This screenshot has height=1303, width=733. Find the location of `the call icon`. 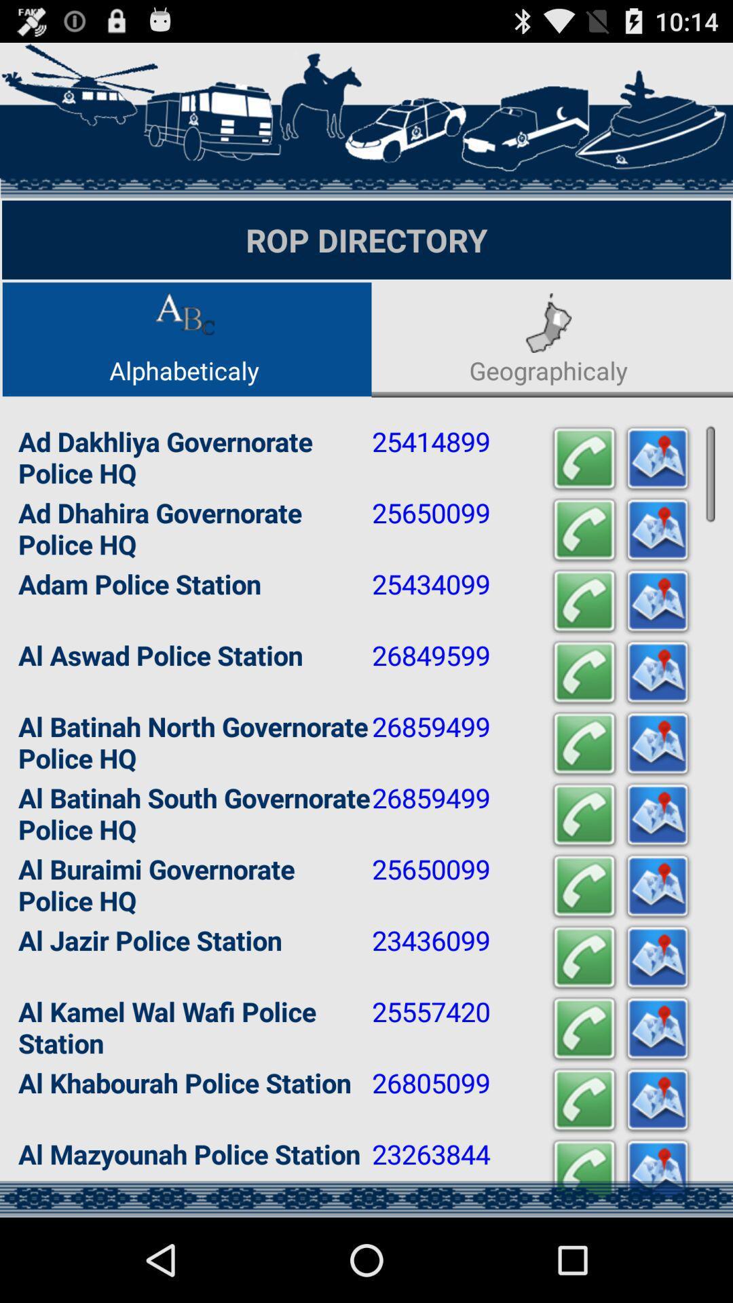

the call icon is located at coordinates (583, 1253).